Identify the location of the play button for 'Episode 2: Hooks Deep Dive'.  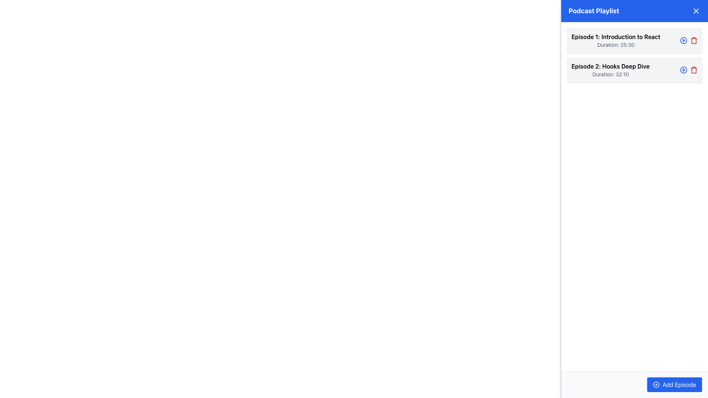
(683, 70).